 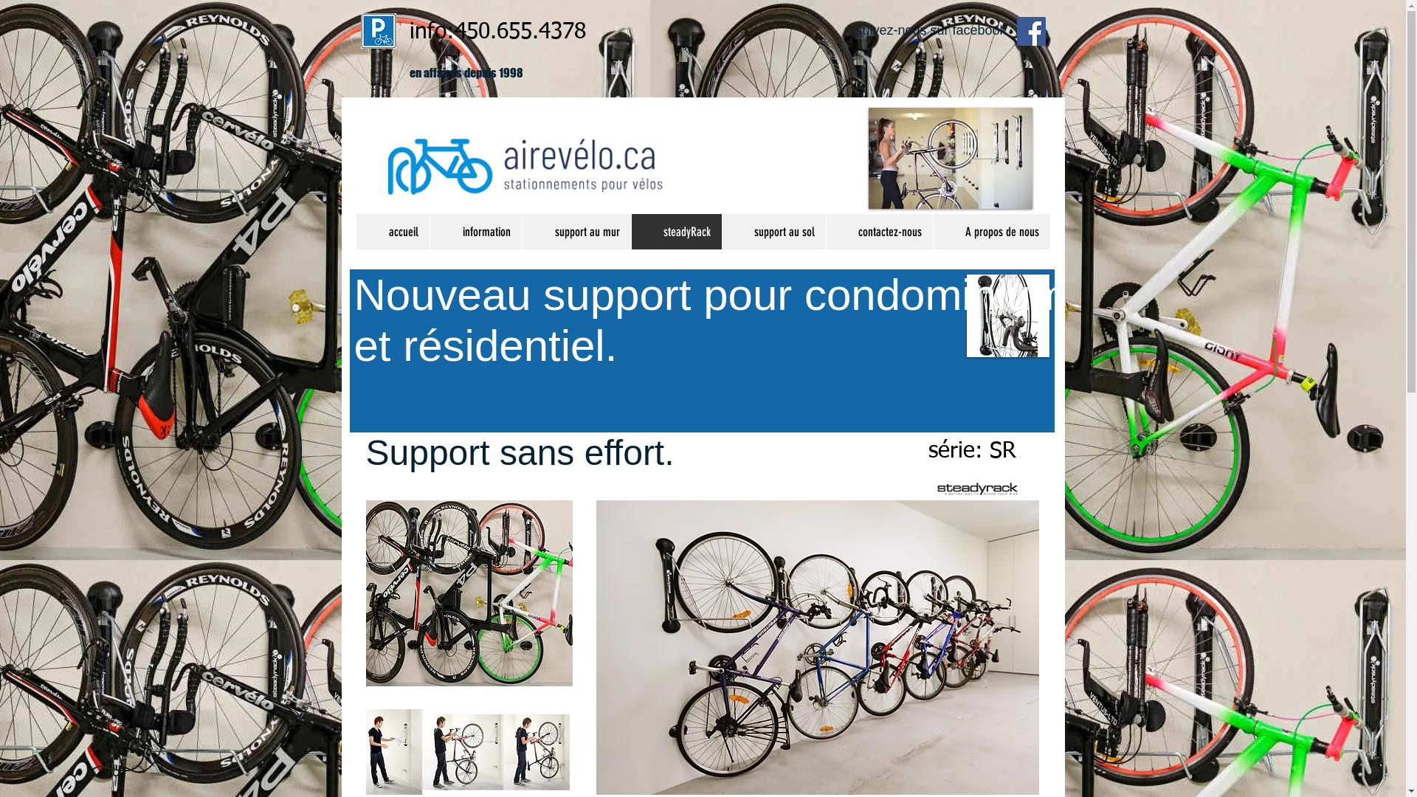 What do you see at coordinates (630, 231) in the screenshot?
I see `'steadyRack'` at bounding box center [630, 231].